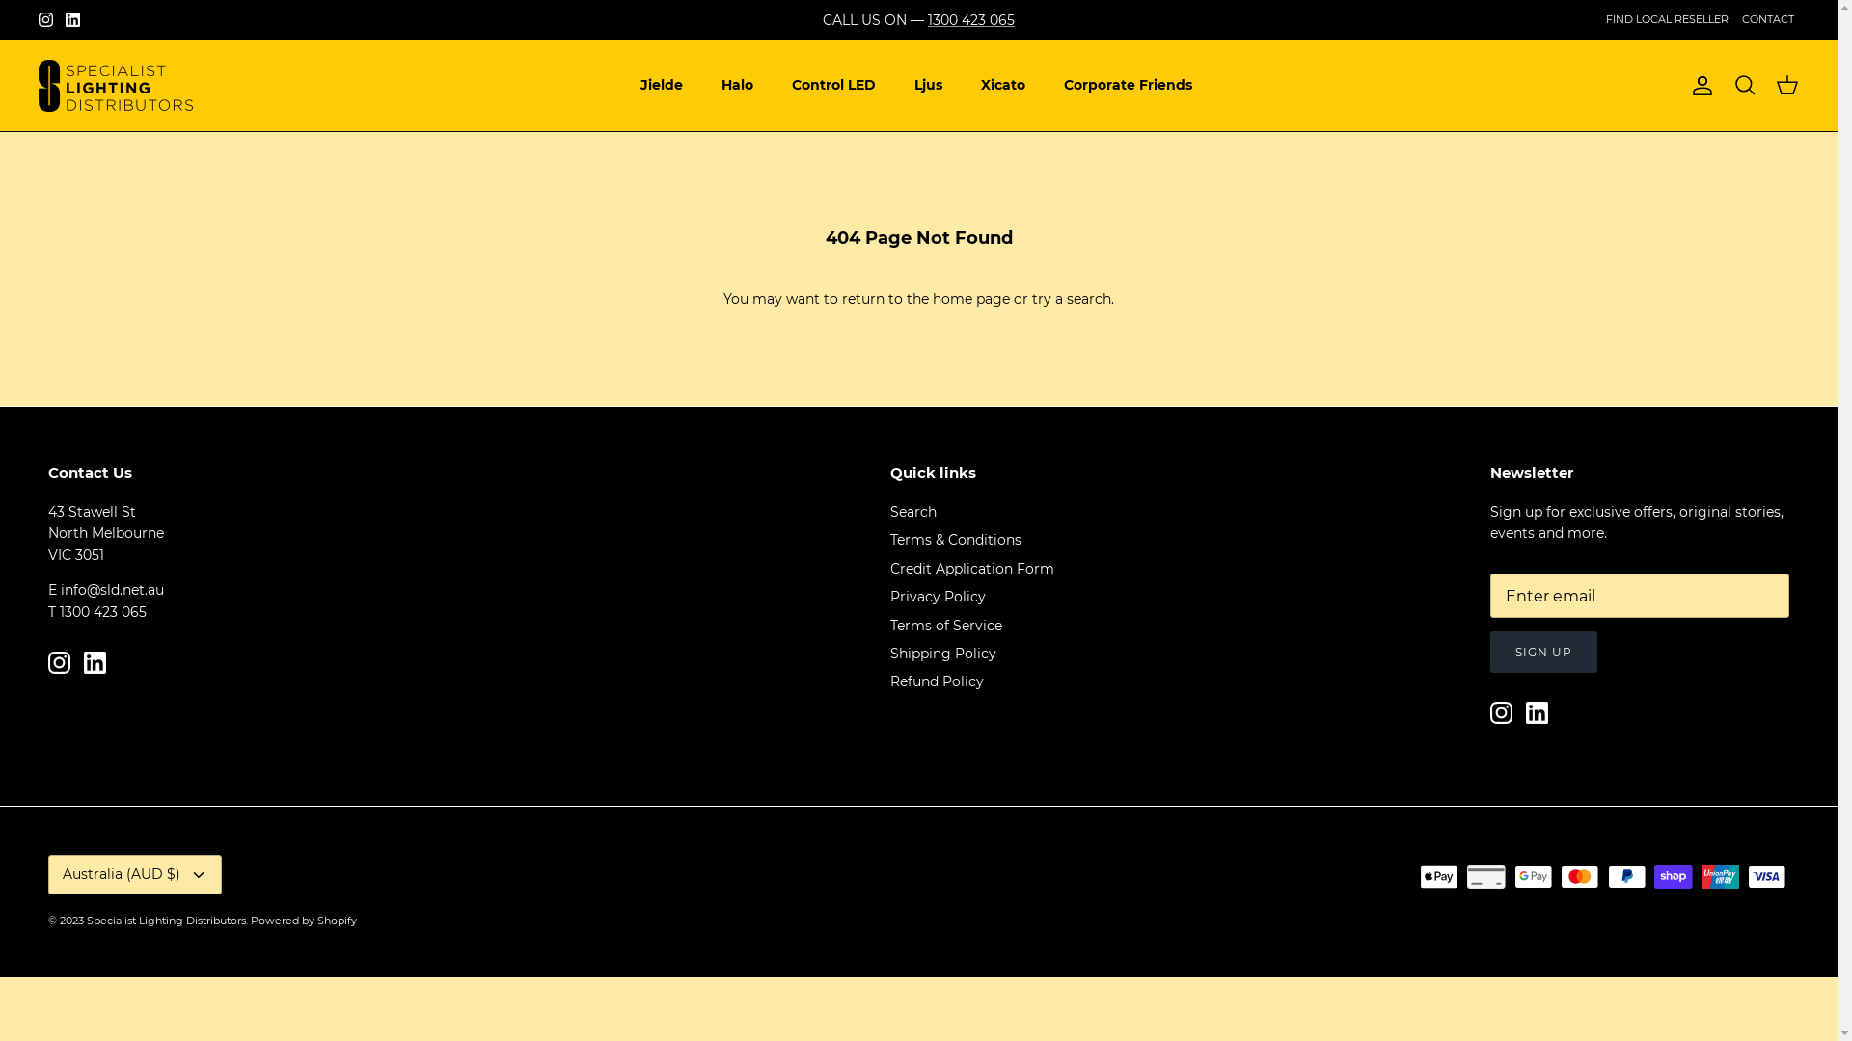 The image size is (1852, 1041). What do you see at coordinates (928, 84) in the screenshot?
I see `'Ljus'` at bounding box center [928, 84].